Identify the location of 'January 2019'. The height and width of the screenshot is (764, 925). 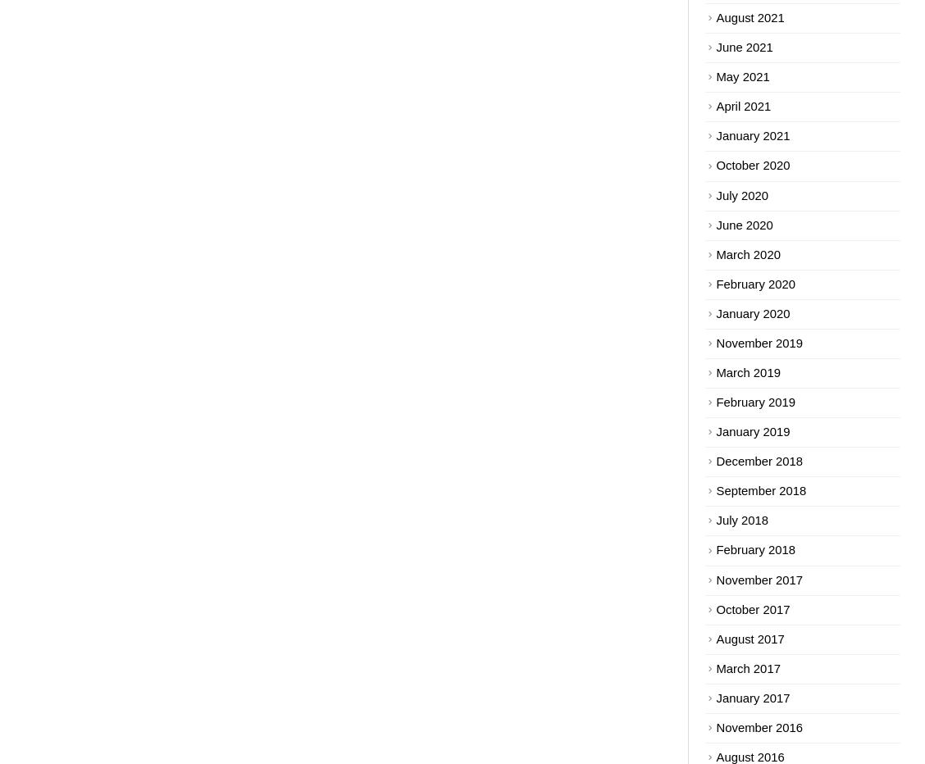
(751, 432).